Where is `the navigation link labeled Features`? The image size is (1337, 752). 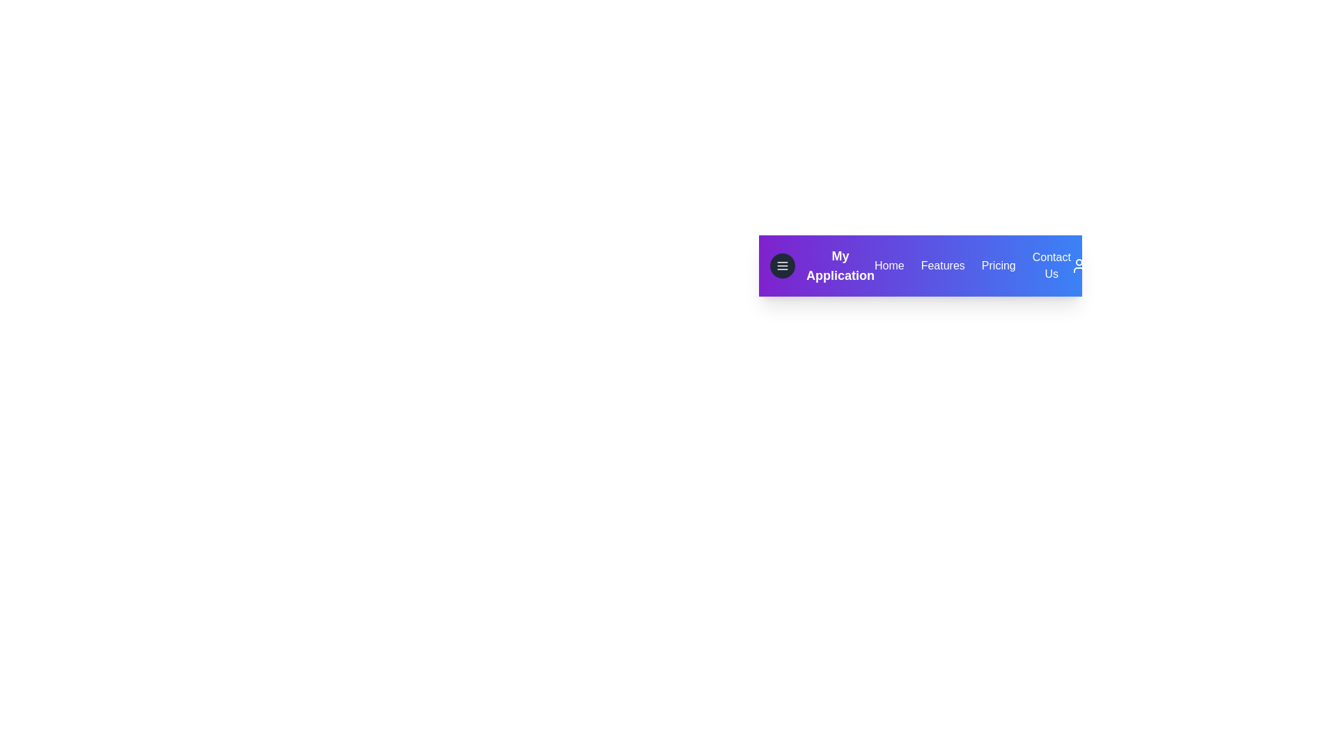 the navigation link labeled Features is located at coordinates (942, 265).